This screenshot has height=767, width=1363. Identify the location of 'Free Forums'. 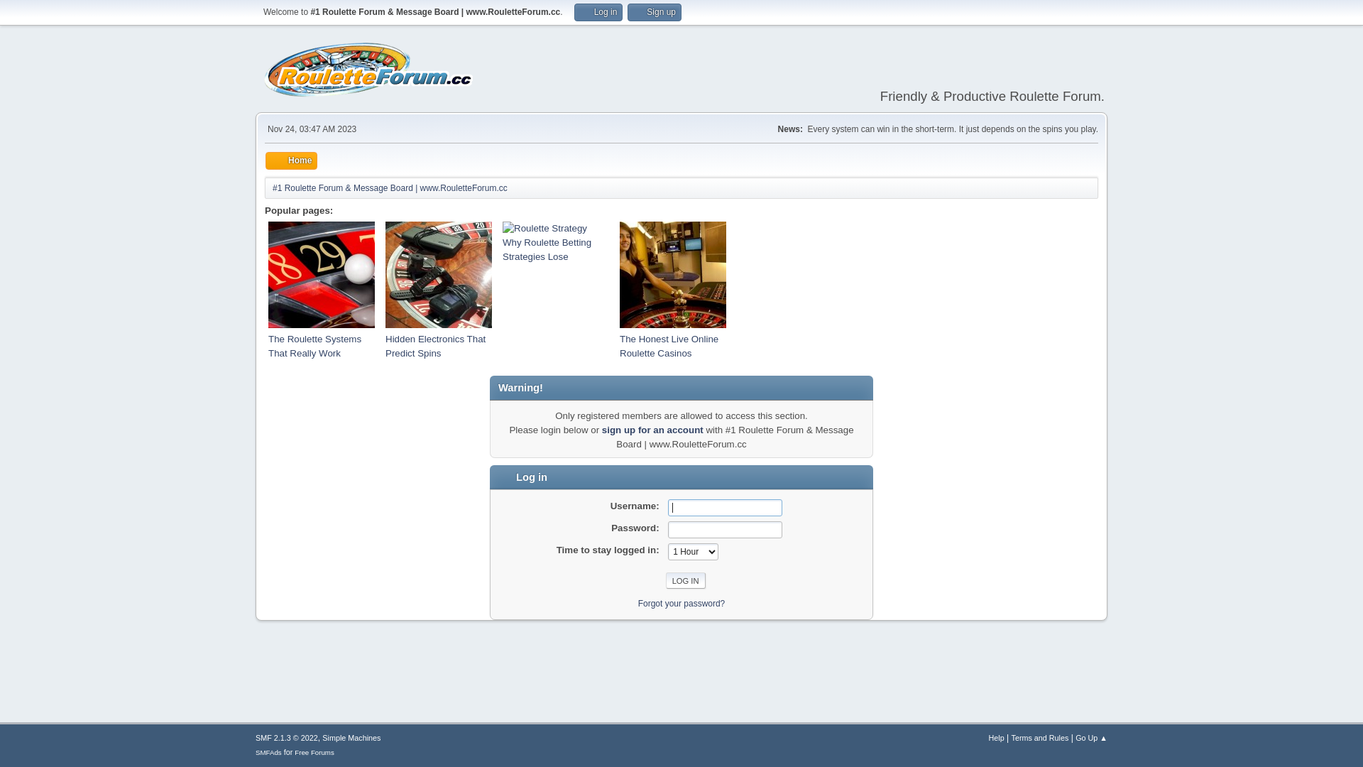
(313, 751).